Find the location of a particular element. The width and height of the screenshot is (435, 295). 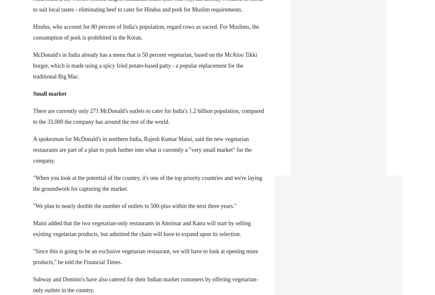

'There are currently only 271 McDonald's outlets to cater for India's 1.2 billion population, compared to the 33,000 the company has around the rest of the world.' is located at coordinates (148, 115).